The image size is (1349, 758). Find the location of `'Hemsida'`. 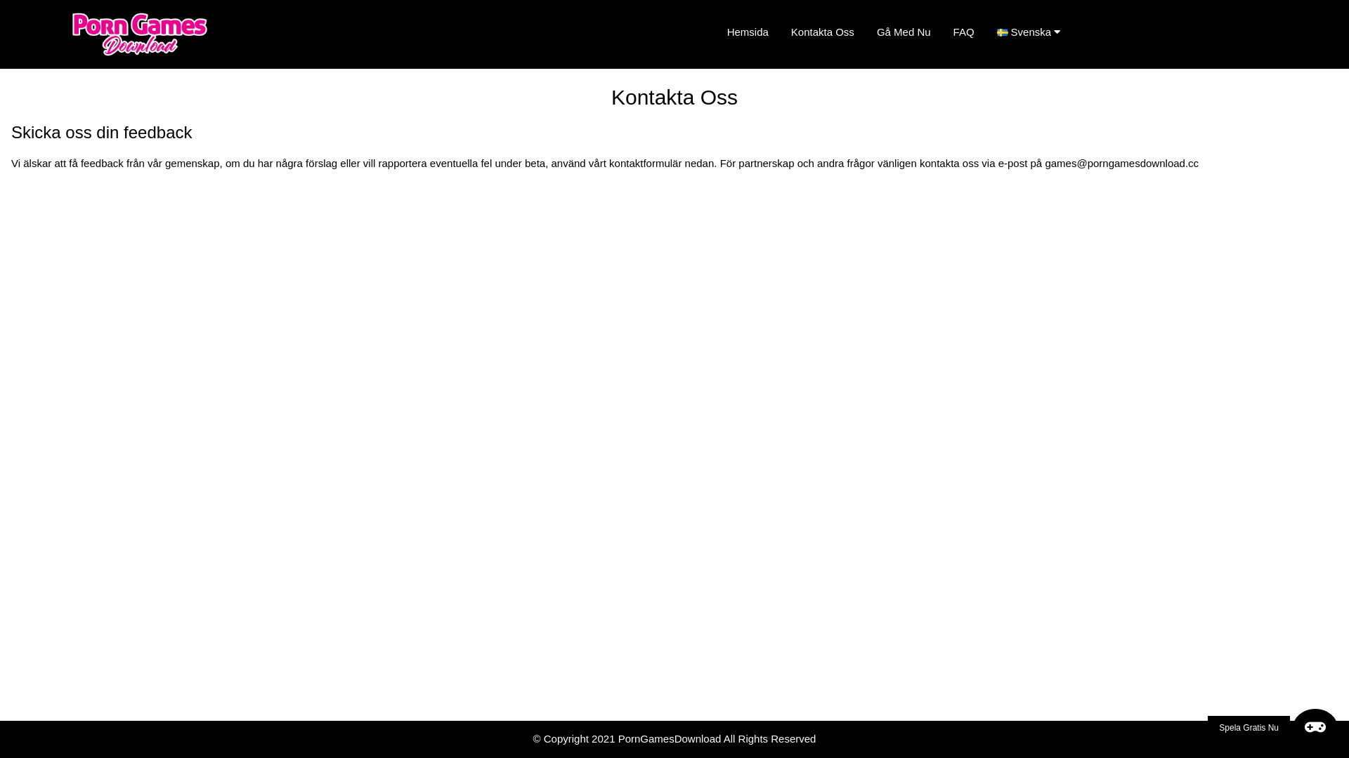

'Hemsida' is located at coordinates (747, 32).